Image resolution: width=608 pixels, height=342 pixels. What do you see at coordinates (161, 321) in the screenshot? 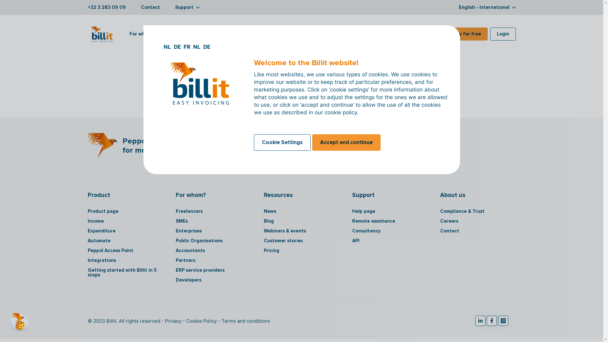
I see `'Privacy'` at bounding box center [161, 321].